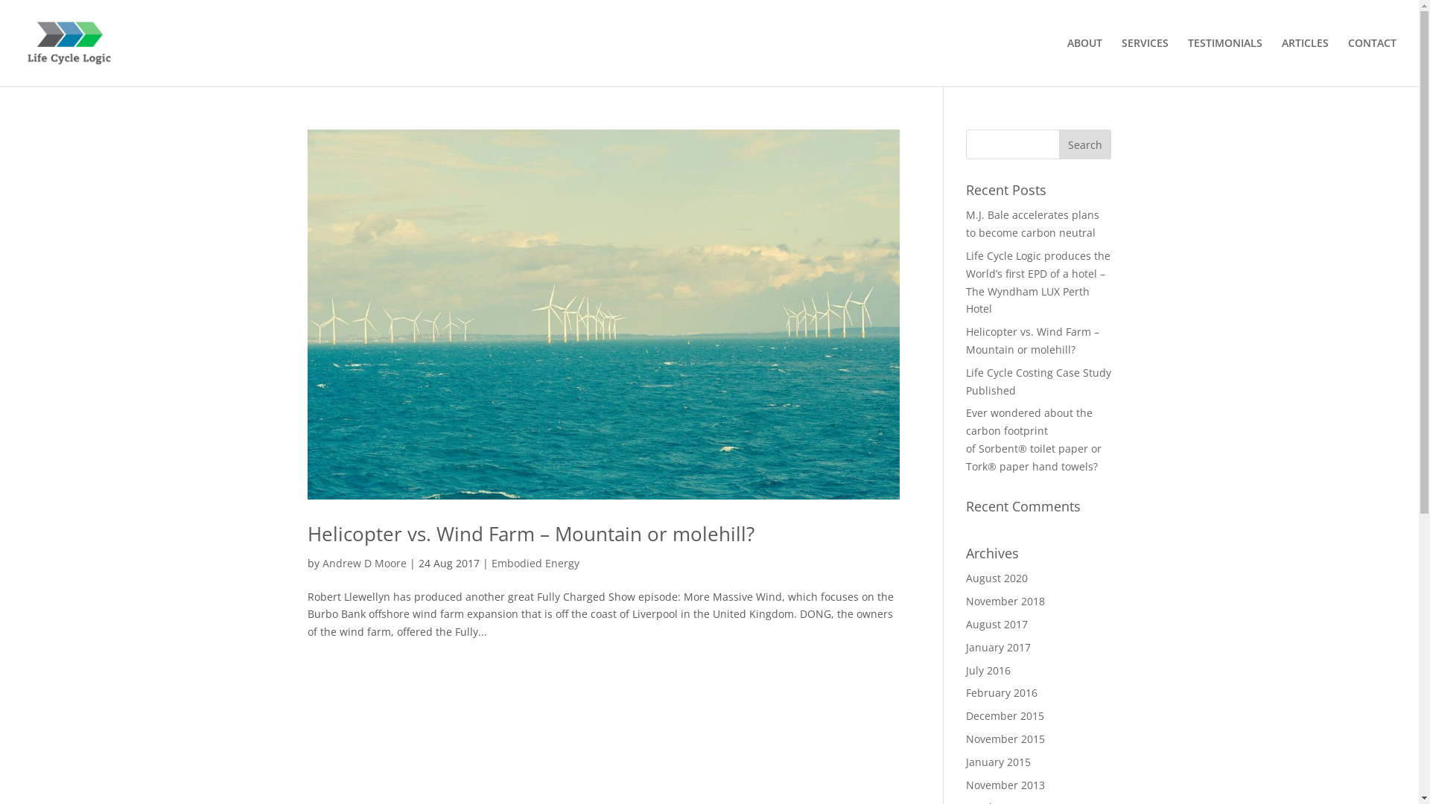 This screenshot has width=1430, height=804. What do you see at coordinates (1005, 600) in the screenshot?
I see `'November 2018'` at bounding box center [1005, 600].